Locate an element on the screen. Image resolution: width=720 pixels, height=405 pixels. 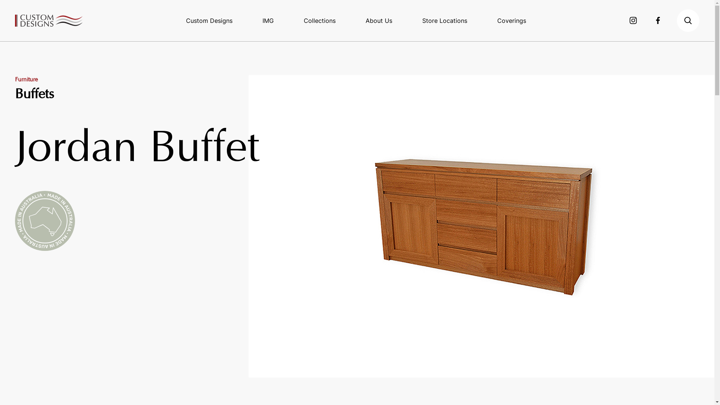
'Search' is located at coordinates (688, 20).